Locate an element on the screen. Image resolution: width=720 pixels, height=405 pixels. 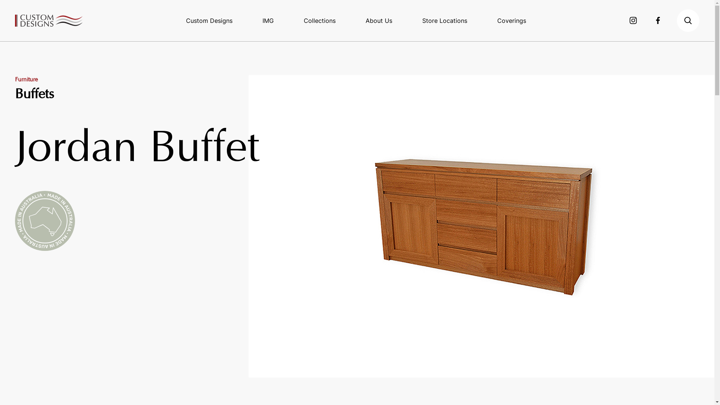
'Search' is located at coordinates (688, 20).